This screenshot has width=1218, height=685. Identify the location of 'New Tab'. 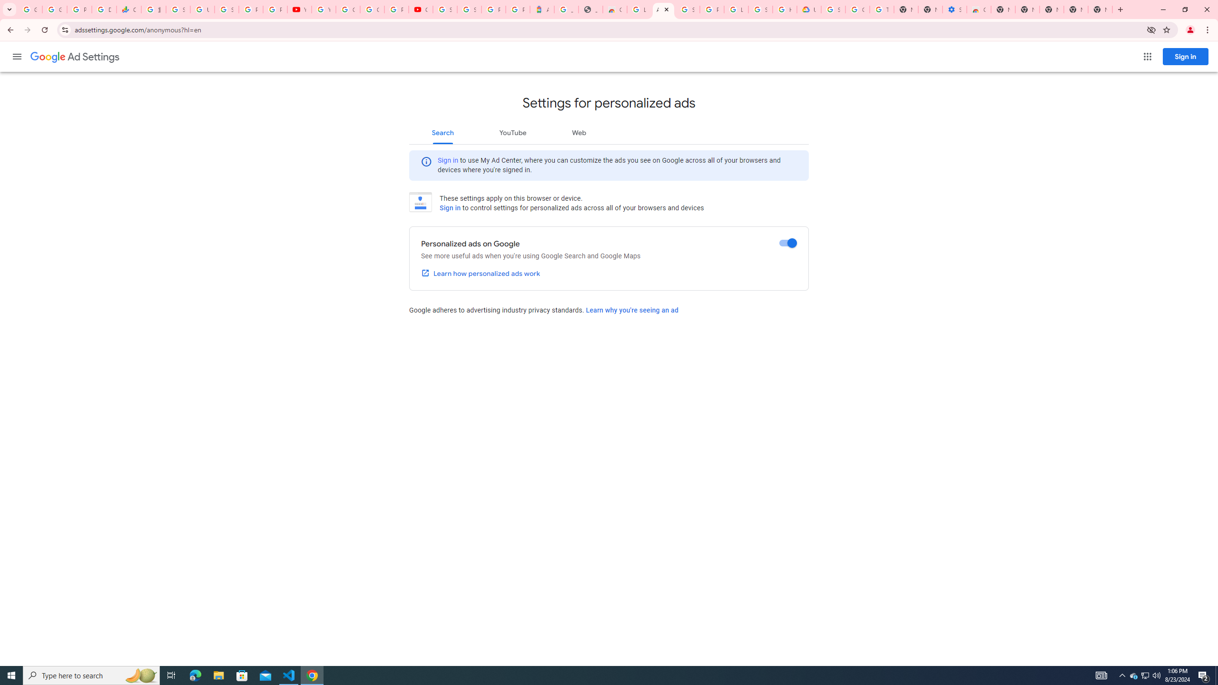
(1100, 9).